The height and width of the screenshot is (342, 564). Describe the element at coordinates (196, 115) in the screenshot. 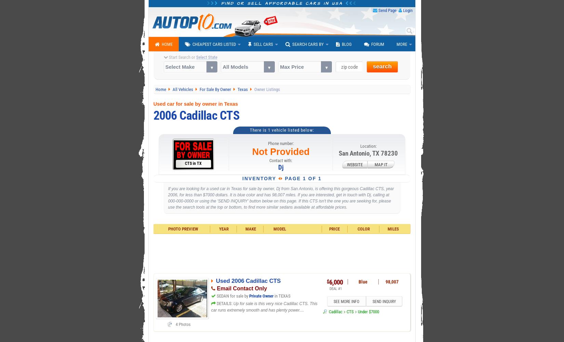

I see `'2006 Cadillac CTS'` at that location.